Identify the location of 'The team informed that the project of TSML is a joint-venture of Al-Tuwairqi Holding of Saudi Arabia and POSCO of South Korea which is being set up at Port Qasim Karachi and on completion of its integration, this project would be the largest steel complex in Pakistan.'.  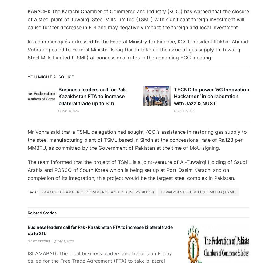
(137, 169).